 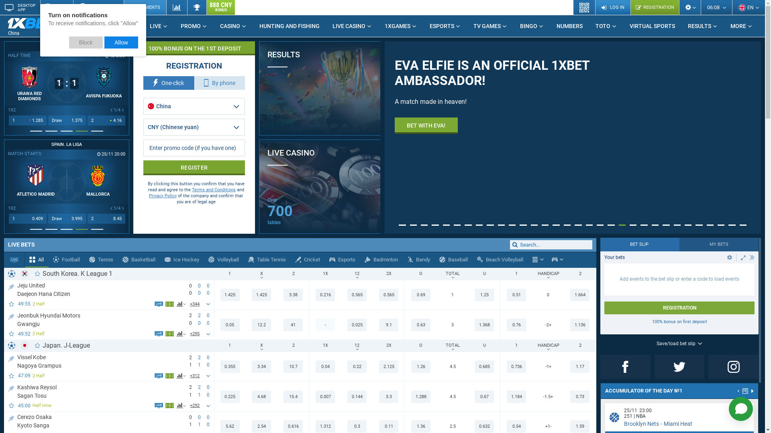 What do you see at coordinates (289, 26) in the screenshot?
I see `'HUNTING AND FISHING'` at bounding box center [289, 26].